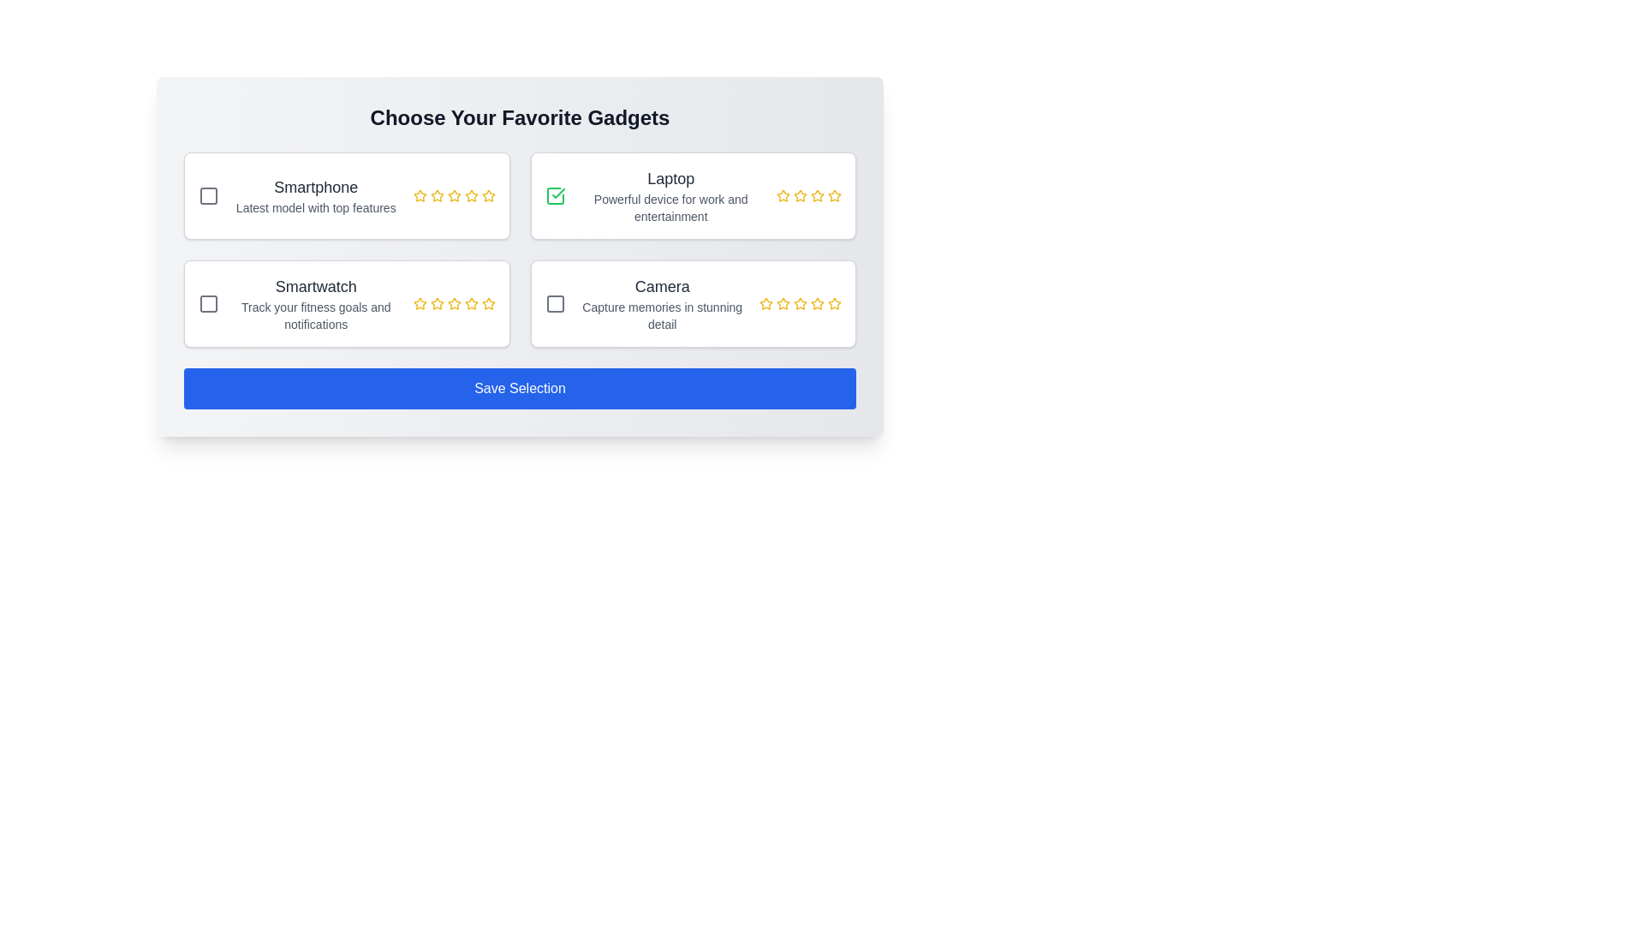 The image size is (1644, 925). I want to click on the second star icon in the rating system of the 'Camera' card, so click(783, 302).